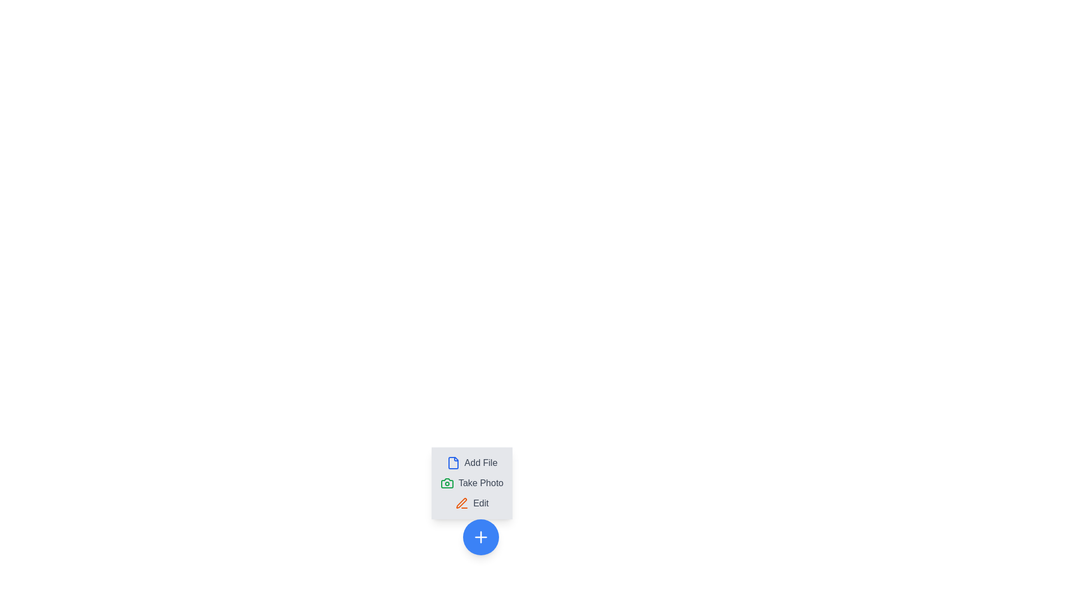  Describe the element at coordinates (480, 483) in the screenshot. I see `the text label reading 'Take Photo', which is styled with a gray font and positioned vertically between 'Add File' above and 'Edit' below` at that location.